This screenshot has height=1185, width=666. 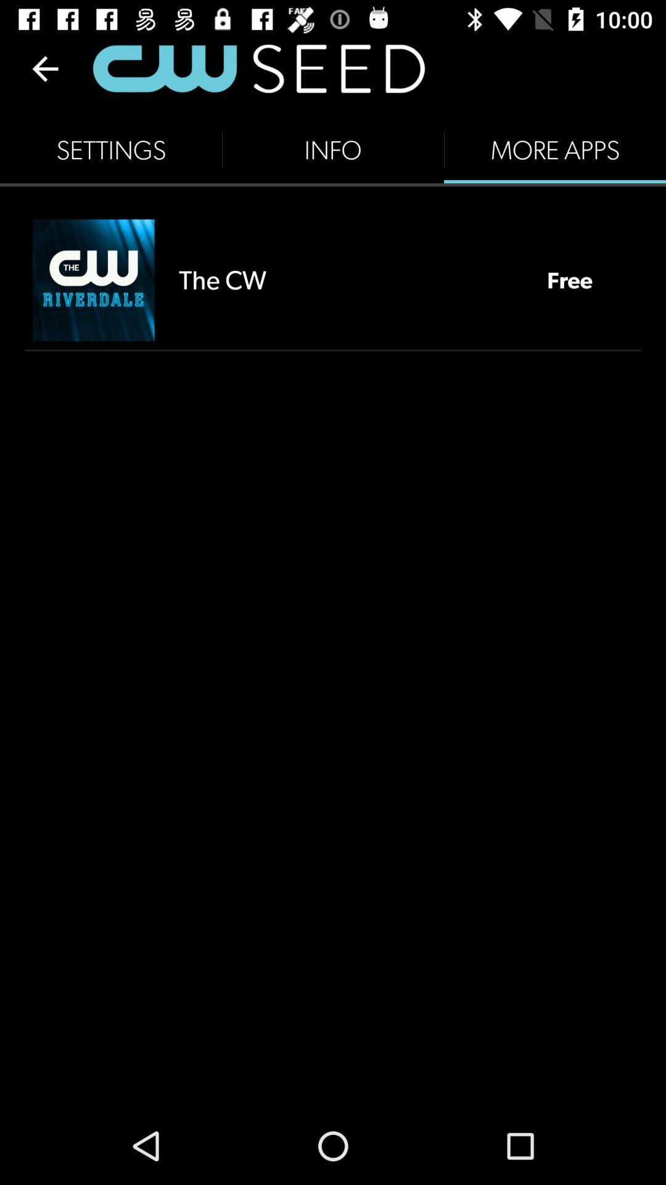 I want to click on the free item, so click(x=570, y=279).